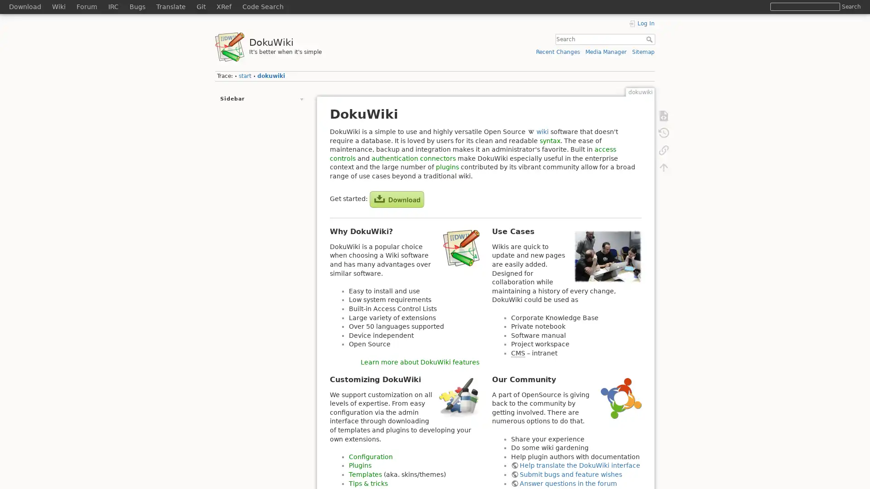  Describe the element at coordinates (851, 6) in the screenshot. I see `Search` at that location.